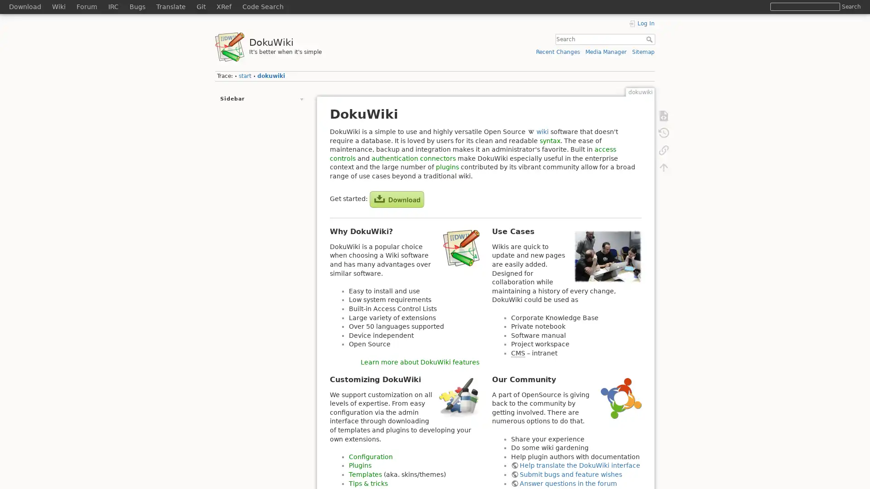  Describe the element at coordinates (851, 6) in the screenshot. I see `Search` at that location.